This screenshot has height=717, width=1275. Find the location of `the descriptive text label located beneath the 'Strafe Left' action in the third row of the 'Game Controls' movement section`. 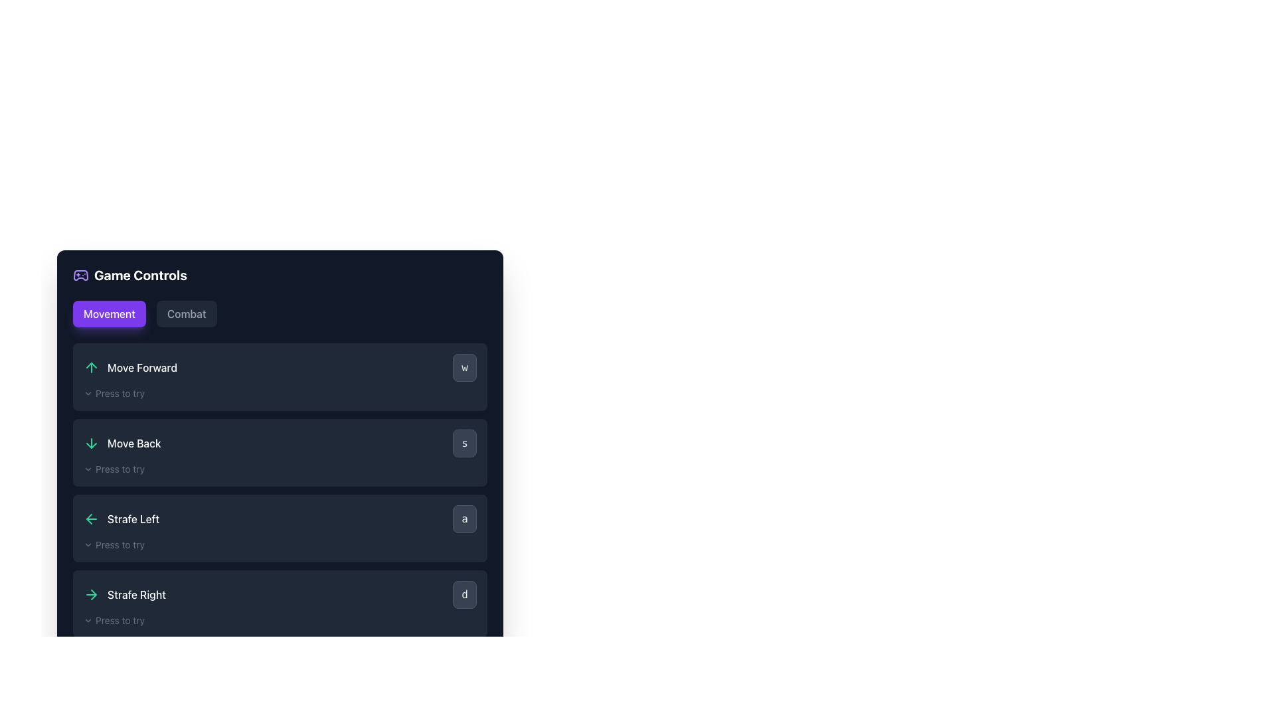

the descriptive text label located beneath the 'Strafe Left' action in the third row of the 'Game Controls' movement section is located at coordinates (120, 545).